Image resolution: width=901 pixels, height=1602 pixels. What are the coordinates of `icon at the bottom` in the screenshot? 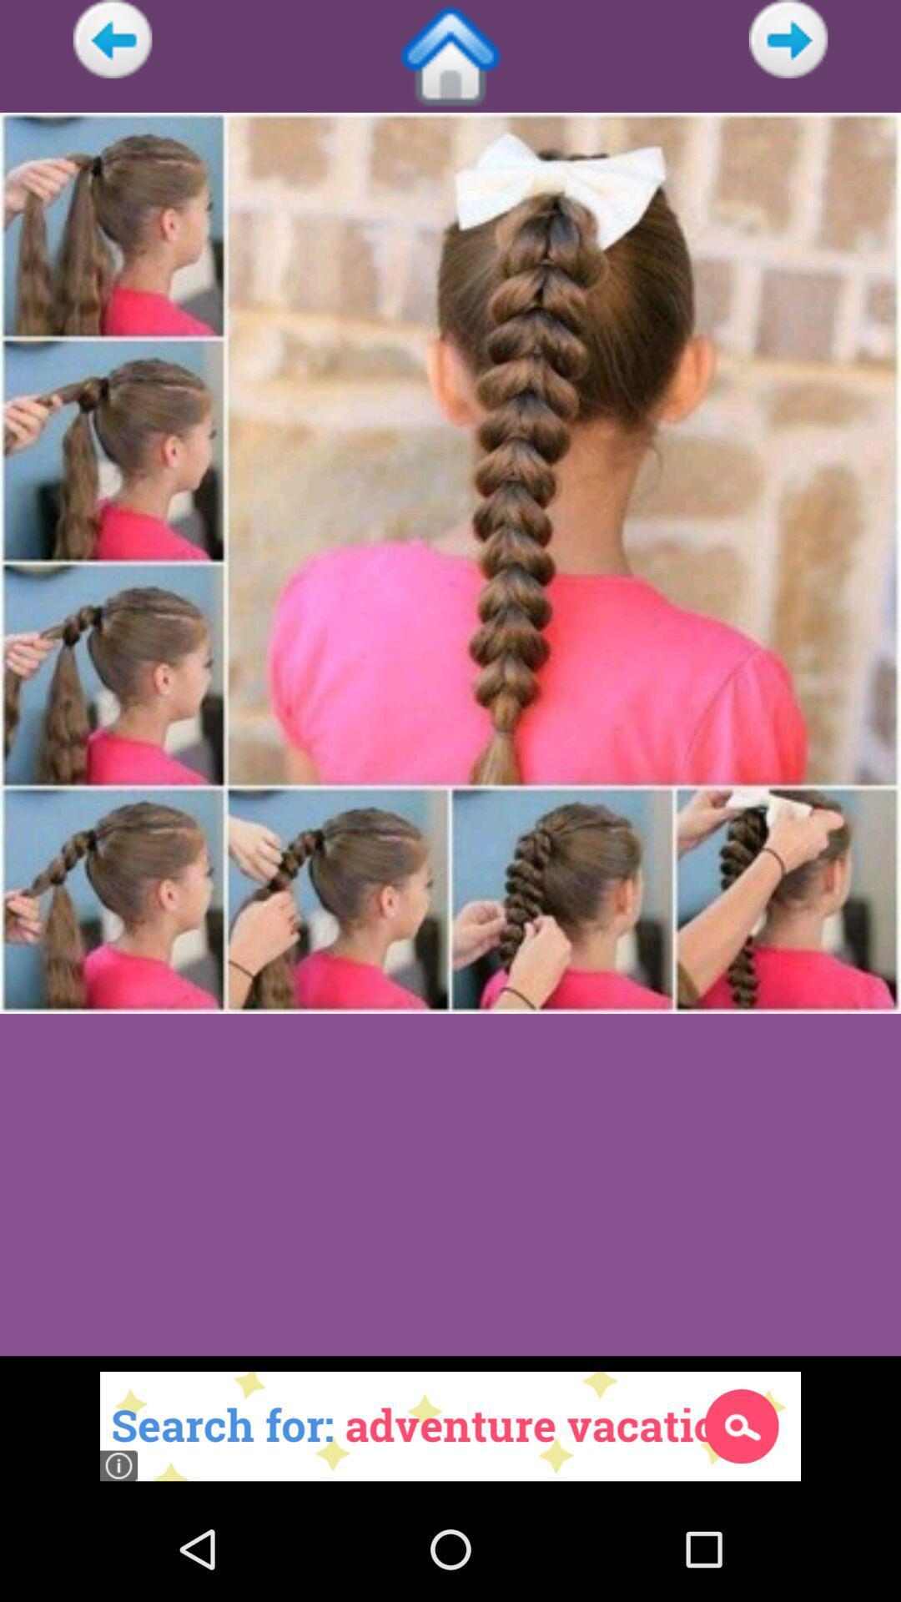 It's located at (450, 1425).